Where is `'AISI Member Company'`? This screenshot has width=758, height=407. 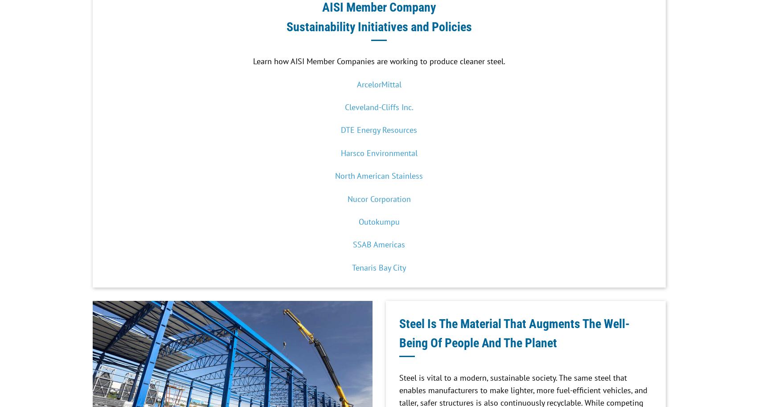
'AISI Member Company' is located at coordinates (379, 7).